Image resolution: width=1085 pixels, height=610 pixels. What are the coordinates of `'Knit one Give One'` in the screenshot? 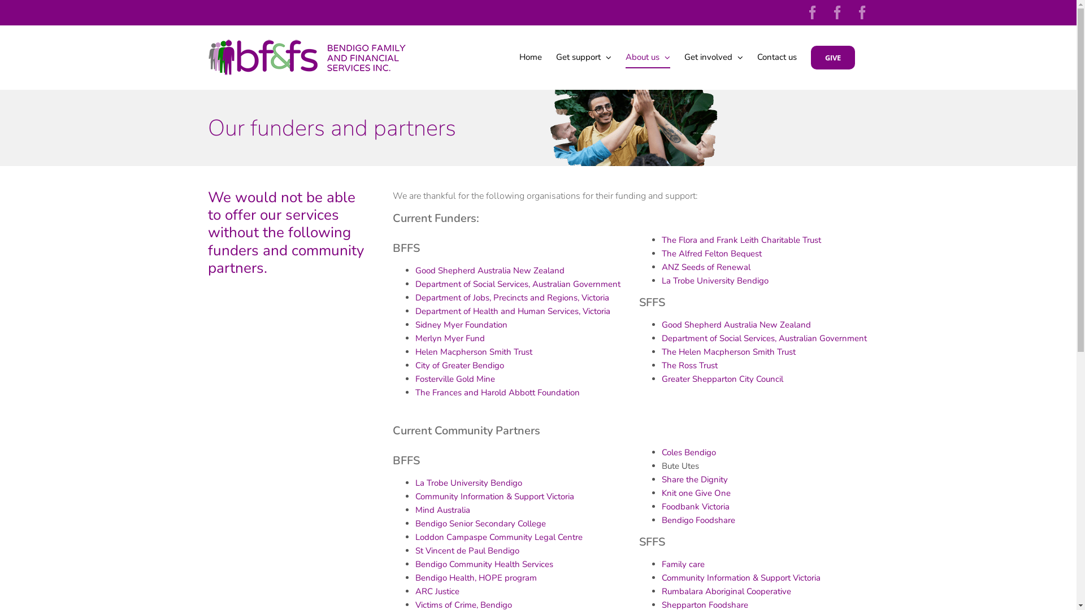 It's located at (696, 492).